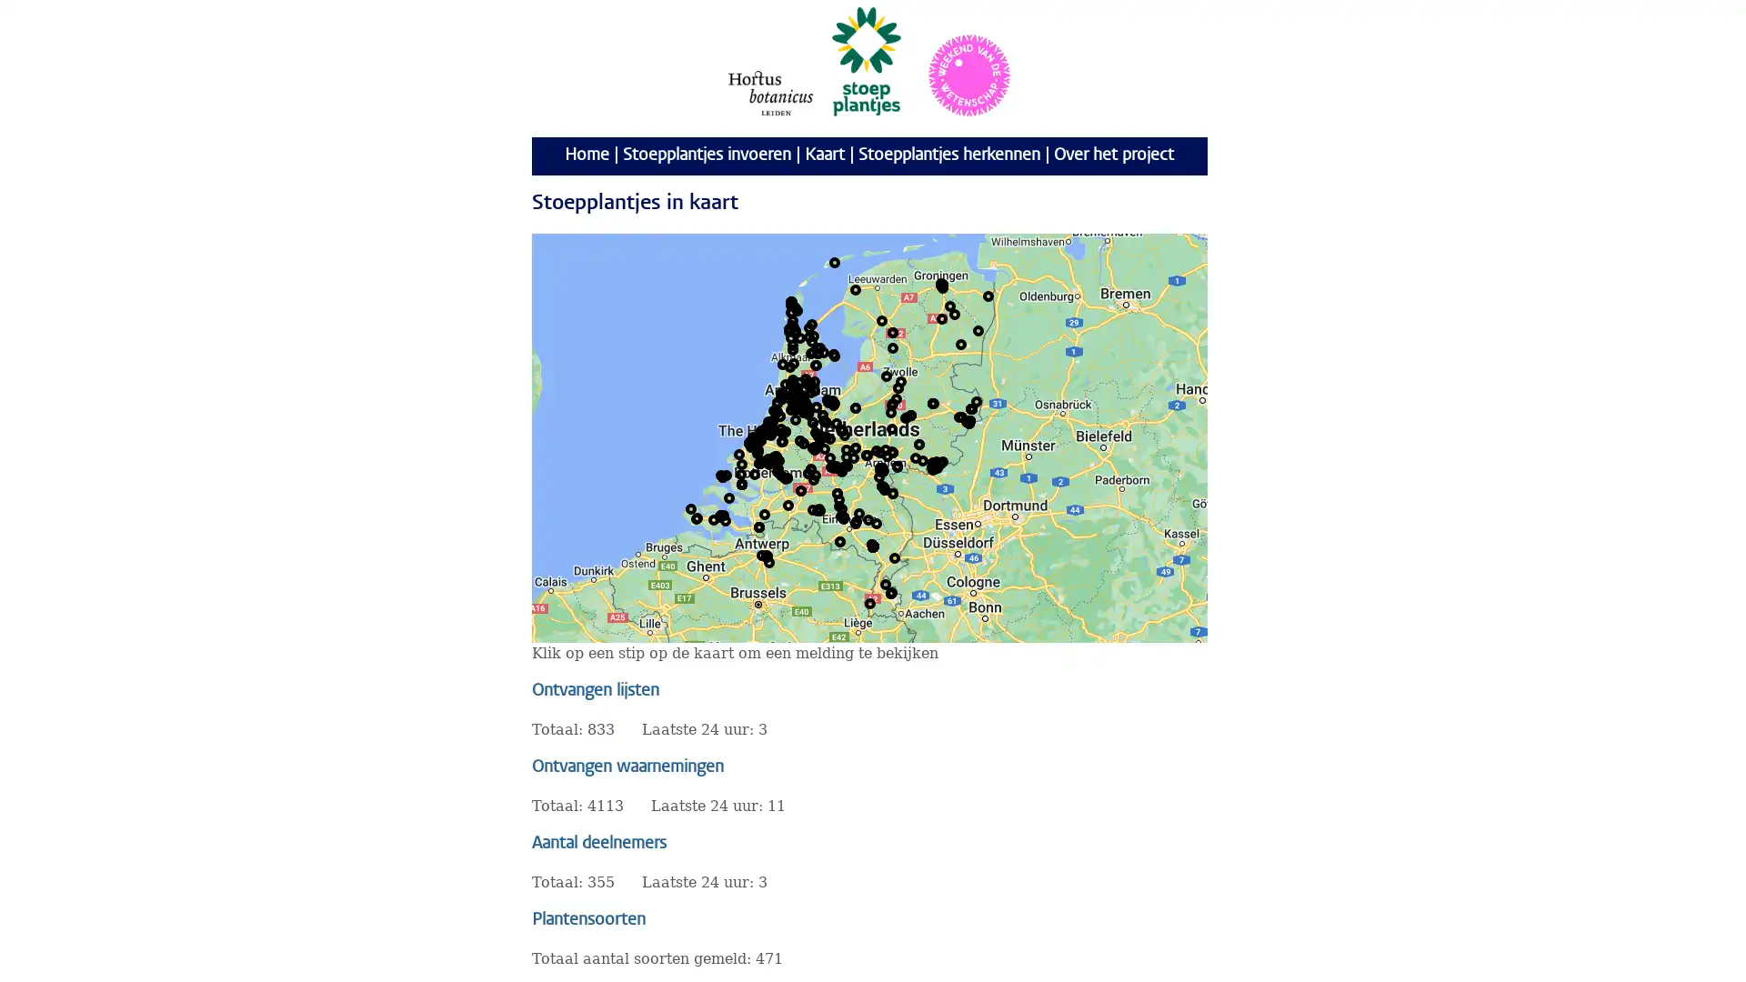 The width and height of the screenshot is (1746, 982). Describe the element at coordinates (768, 430) in the screenshot. I see `Telling van Lannie Ligthart op 27 februari 2022` at that location.